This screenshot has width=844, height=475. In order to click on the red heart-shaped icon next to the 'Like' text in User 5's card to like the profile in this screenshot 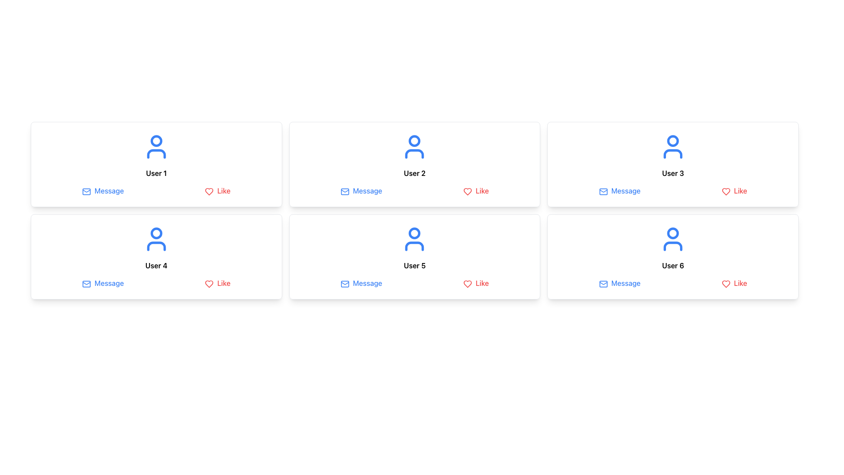, I will do `click(467, 284)`.